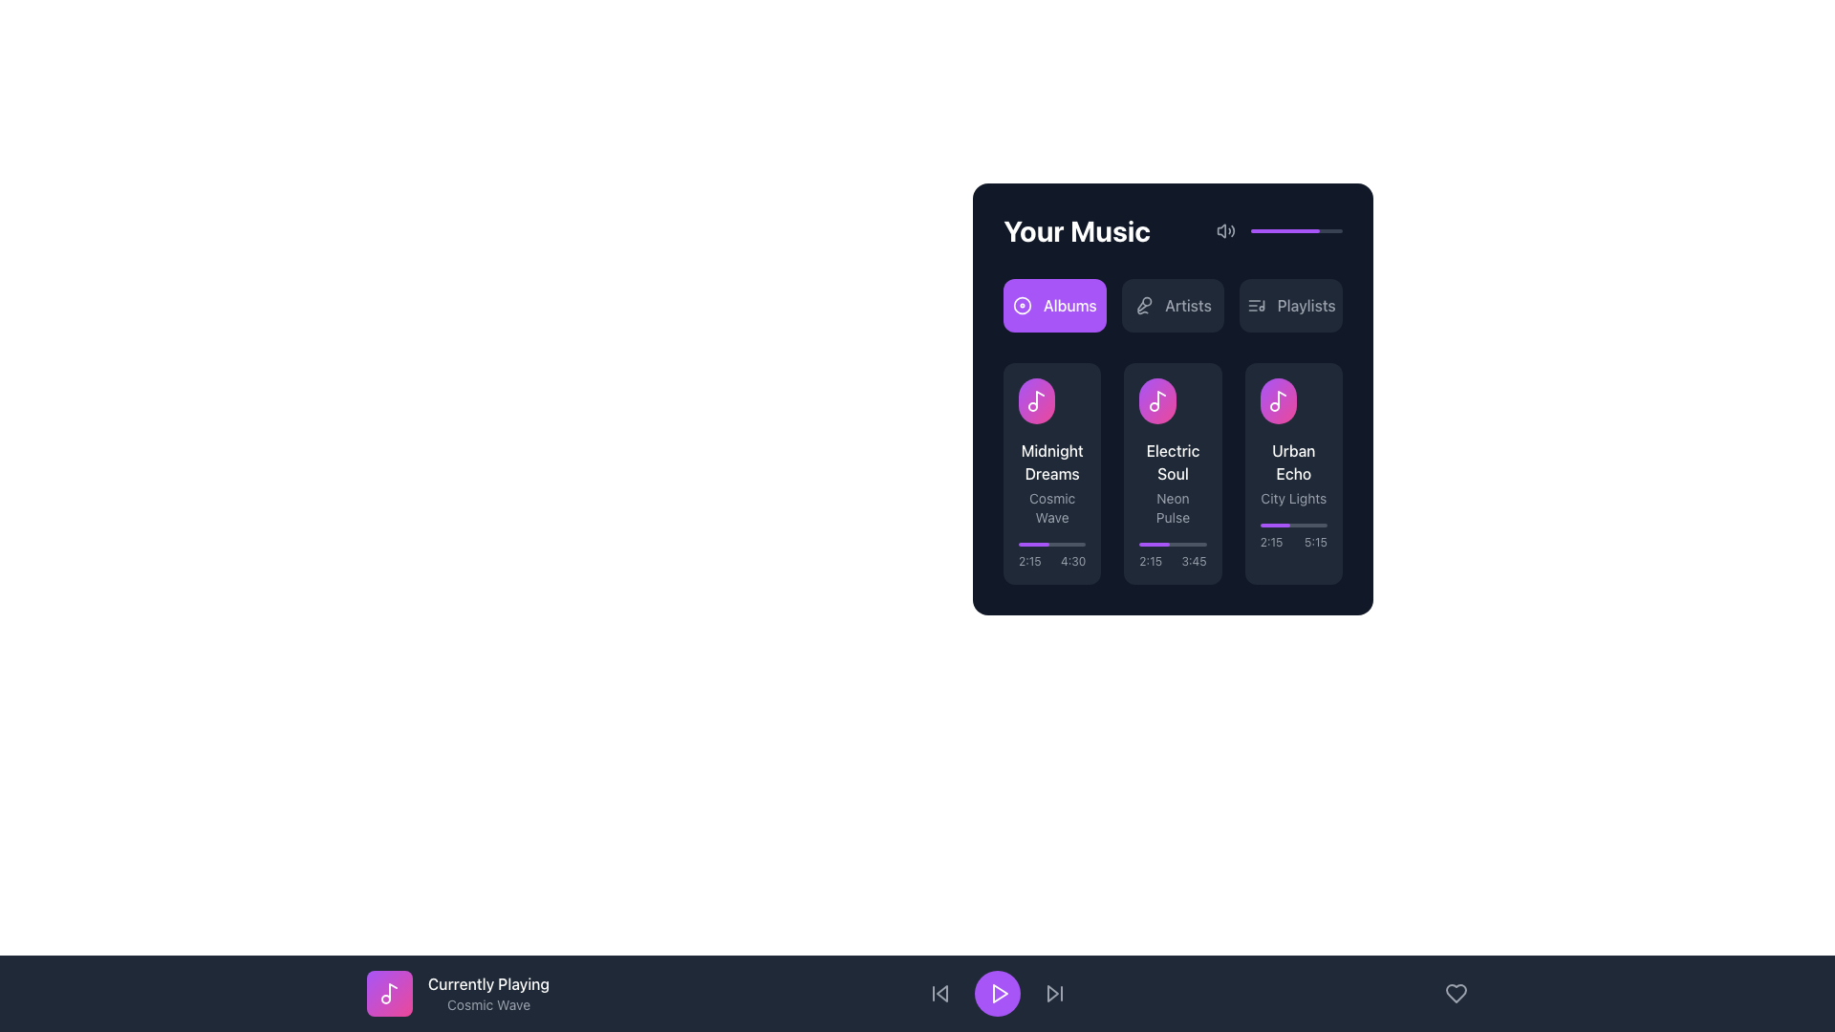 This screenshot has width=1835, height=1032. I want to click on the static text label displaying 'Cosmic Wave' in light gray, positioned below 'Midnight Dreams' within the Albums section, so click(1051, 507).